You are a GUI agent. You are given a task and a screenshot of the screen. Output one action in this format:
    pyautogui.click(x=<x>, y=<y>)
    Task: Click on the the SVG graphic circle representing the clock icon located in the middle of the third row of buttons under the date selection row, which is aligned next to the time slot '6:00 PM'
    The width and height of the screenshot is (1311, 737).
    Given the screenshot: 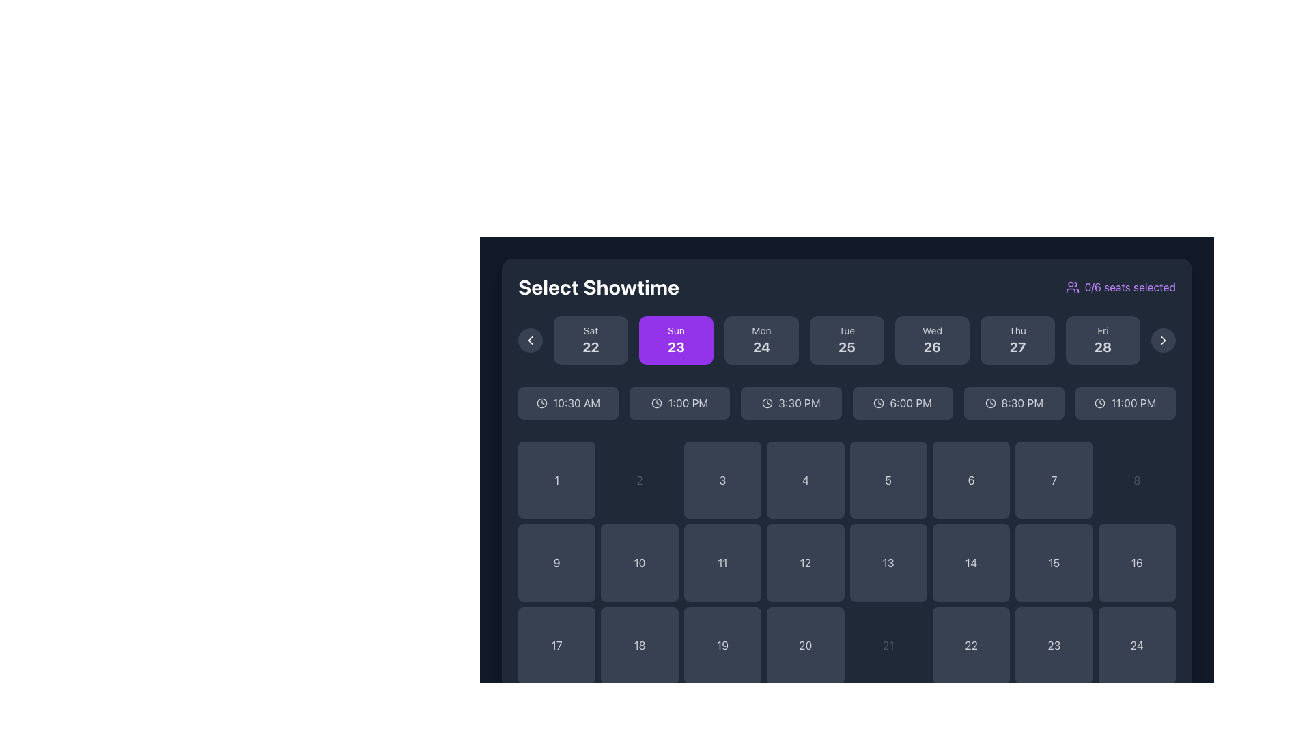 What is the action you would take?
    pyautogui.click(x=879, y=402)
    